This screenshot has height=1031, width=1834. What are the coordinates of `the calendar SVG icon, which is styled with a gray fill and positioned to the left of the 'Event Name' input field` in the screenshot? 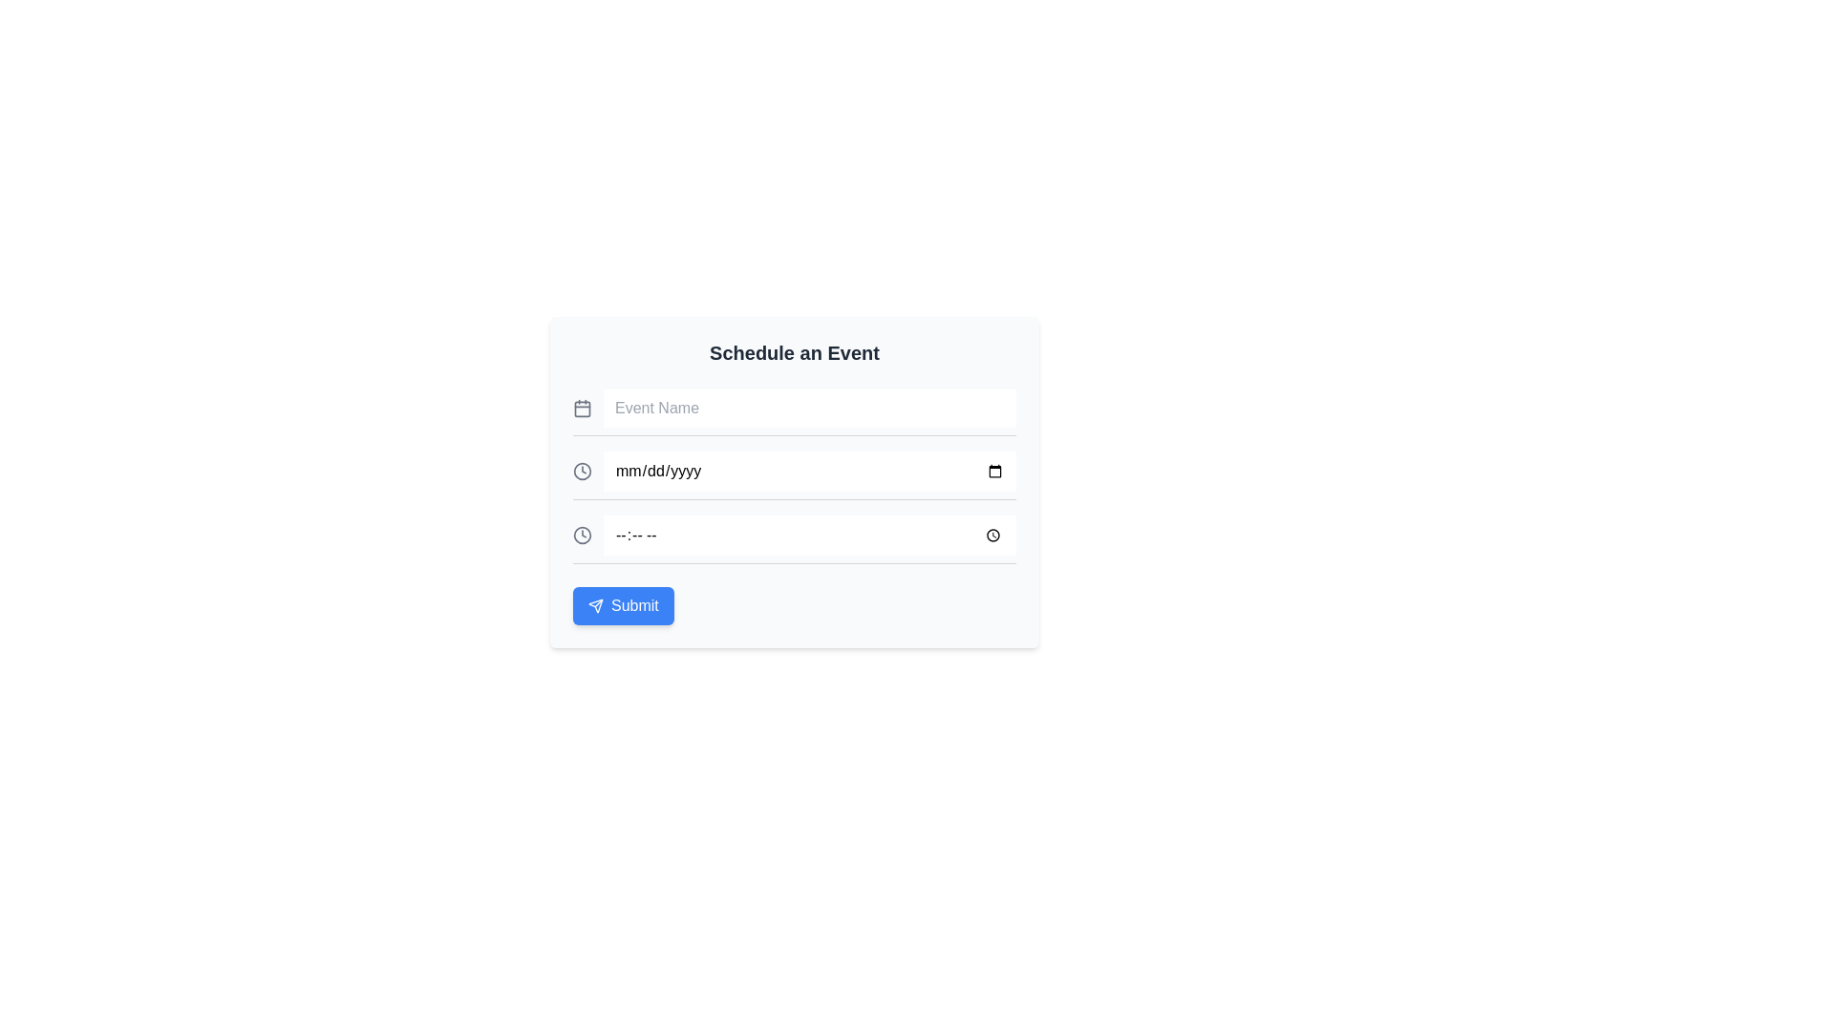 It's located at (581, 408).